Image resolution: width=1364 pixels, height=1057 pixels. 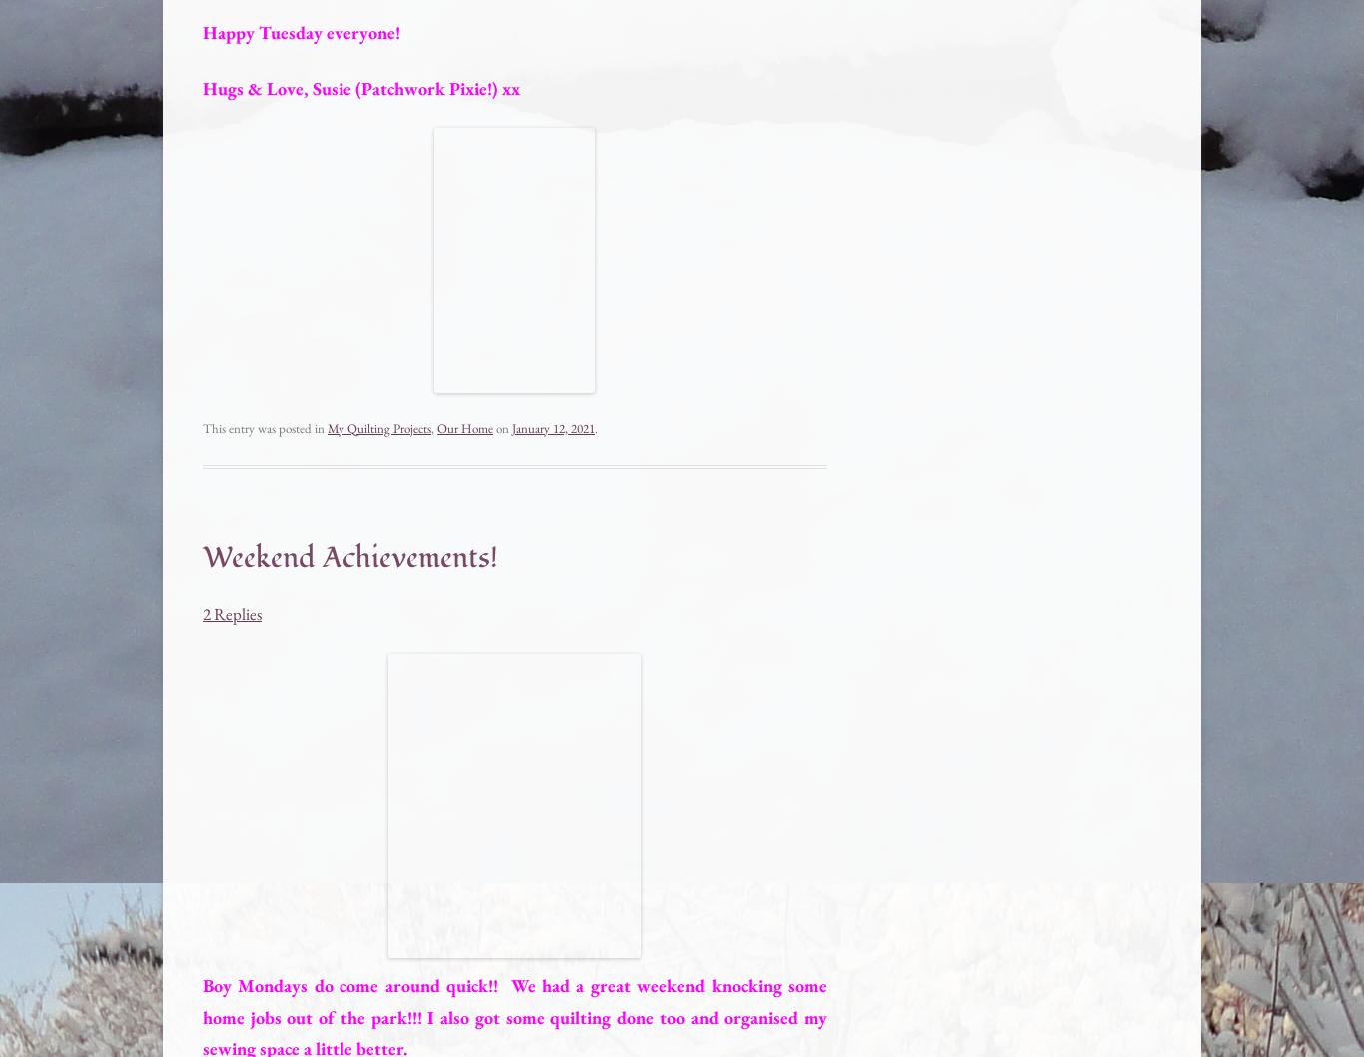 I want to click on ',', so click(x=432, y=427).